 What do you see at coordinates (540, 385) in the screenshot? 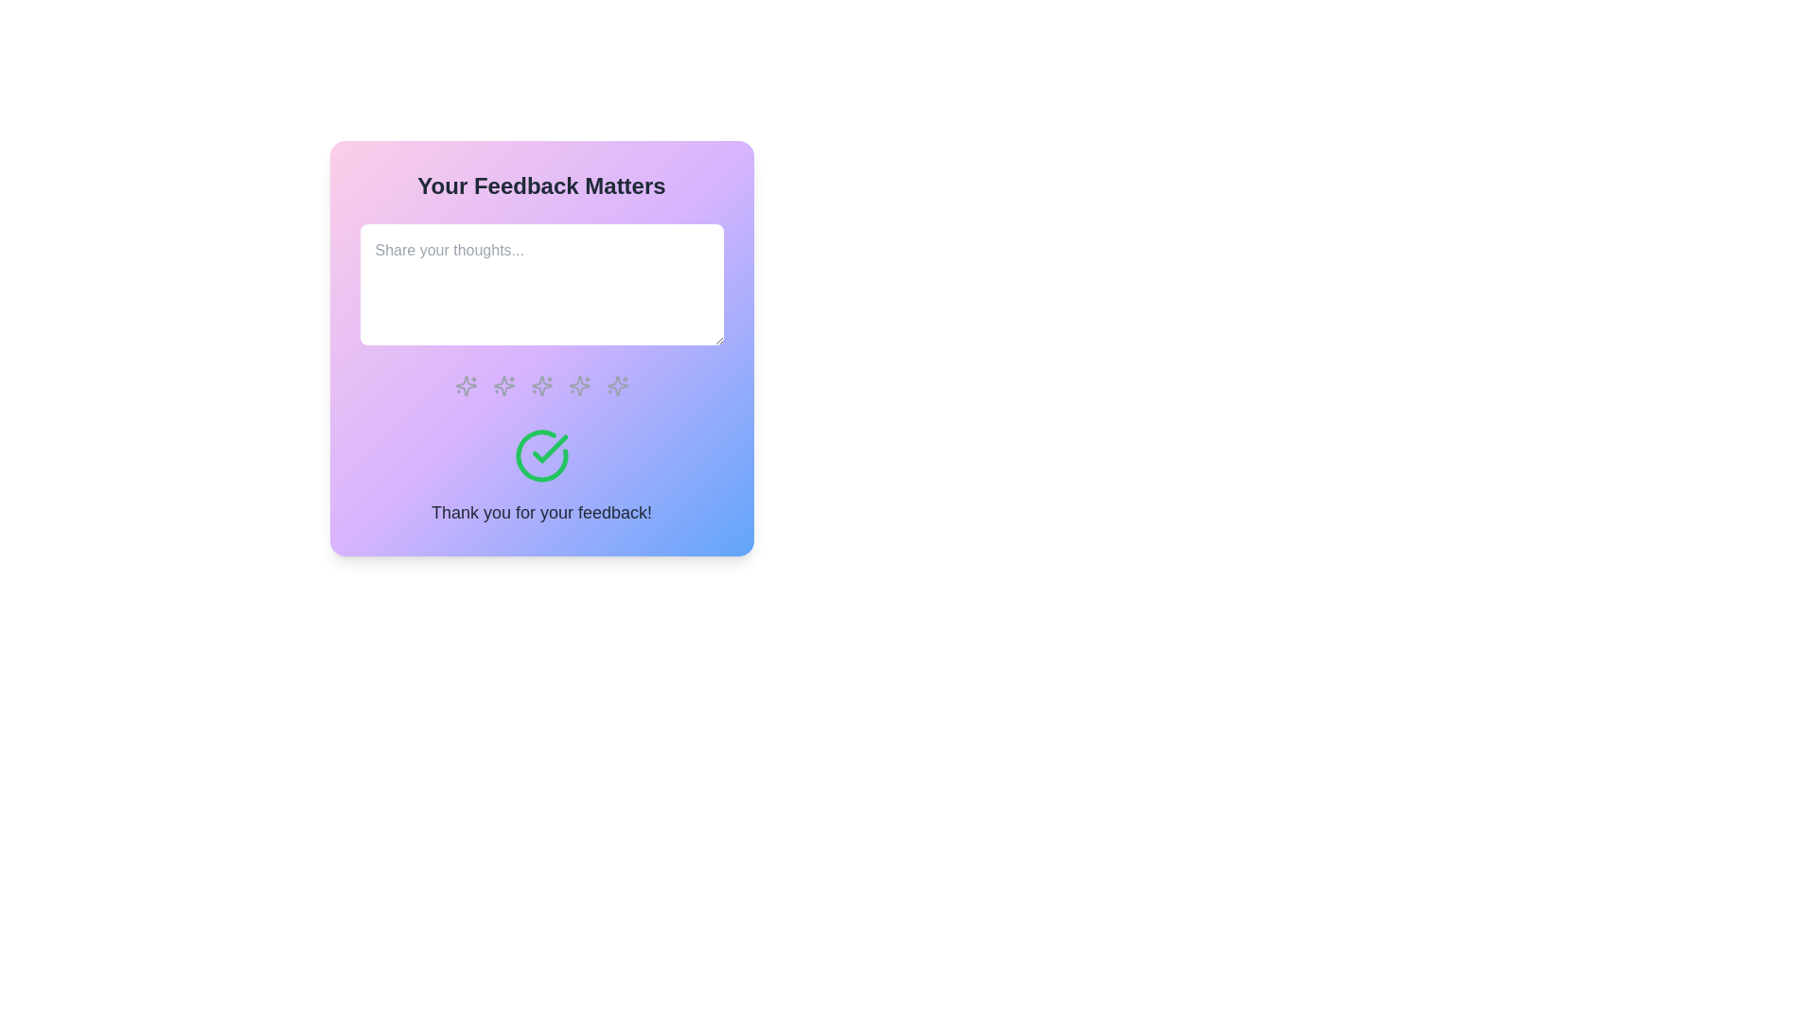
I see `the SVG sparkle icon, which is the middle icon in a row of similar icons located directly below the text input field` at bounding box center [540, 385].